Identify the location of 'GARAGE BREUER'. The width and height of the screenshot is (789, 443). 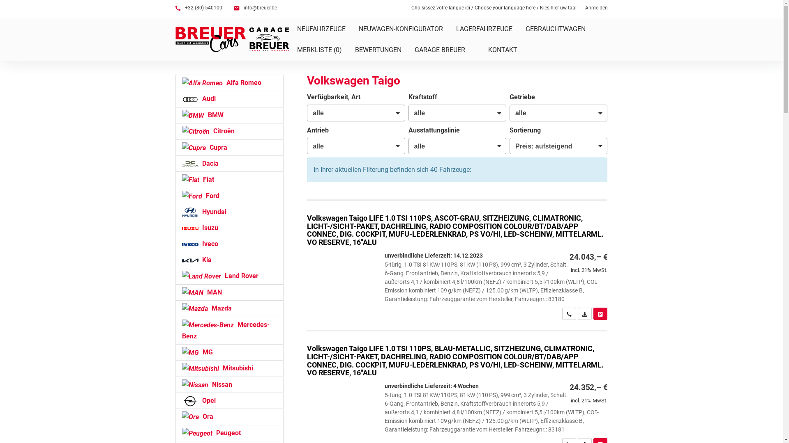
(408, 50).